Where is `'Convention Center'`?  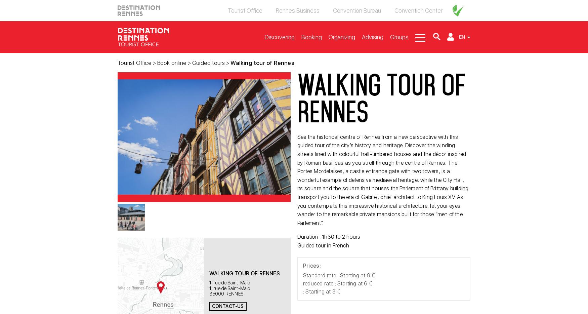
'Convention Center' is located at coordinates (418, 10).